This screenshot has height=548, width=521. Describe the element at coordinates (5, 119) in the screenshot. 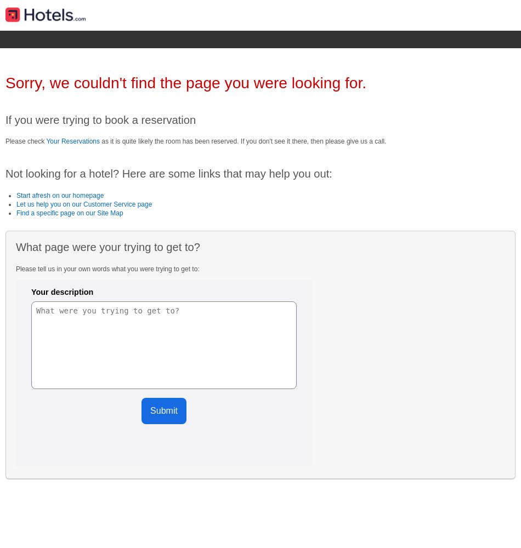

I see `'If you were trying to book a reservation'` at that location.